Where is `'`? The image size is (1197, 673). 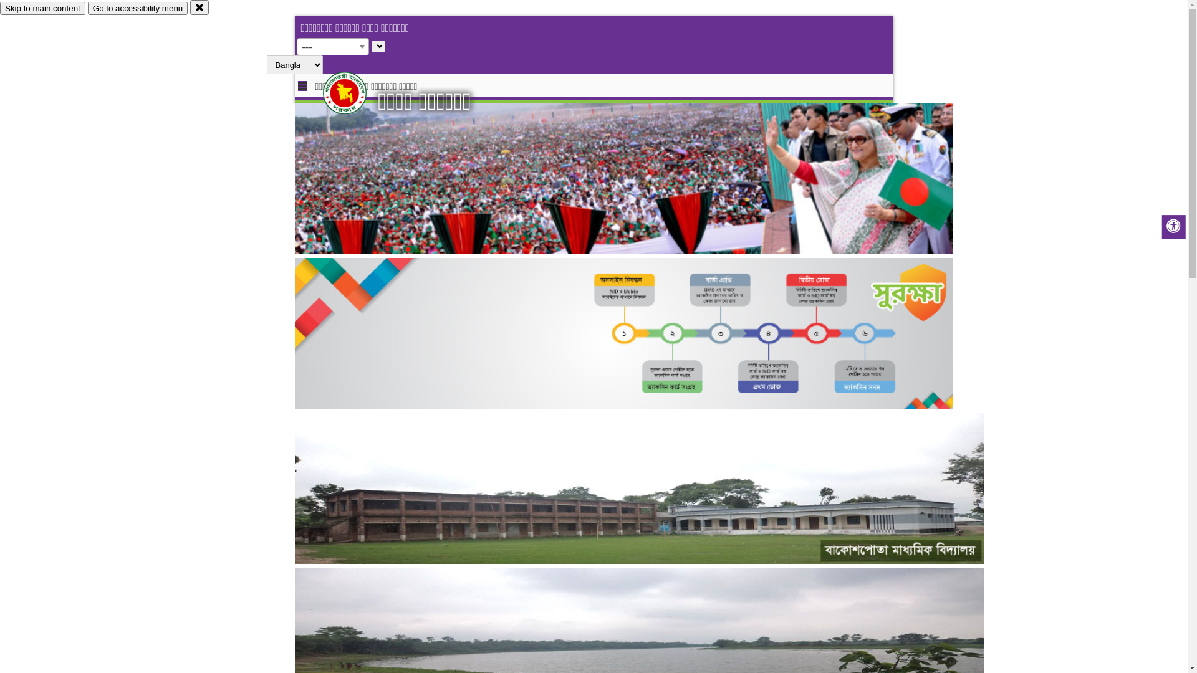
' is located at coordinates (355, 92).